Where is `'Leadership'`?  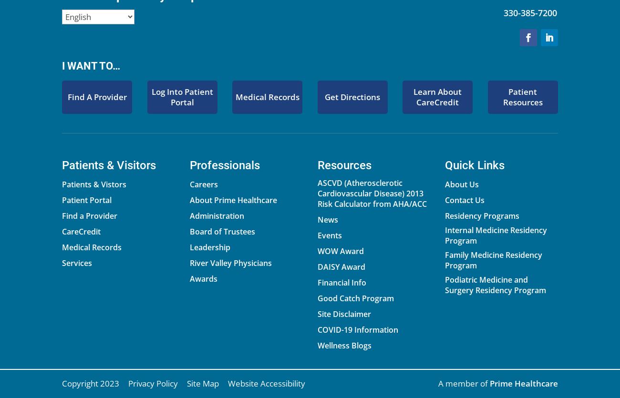 'Leadership' is located at coordinates (209, 247).